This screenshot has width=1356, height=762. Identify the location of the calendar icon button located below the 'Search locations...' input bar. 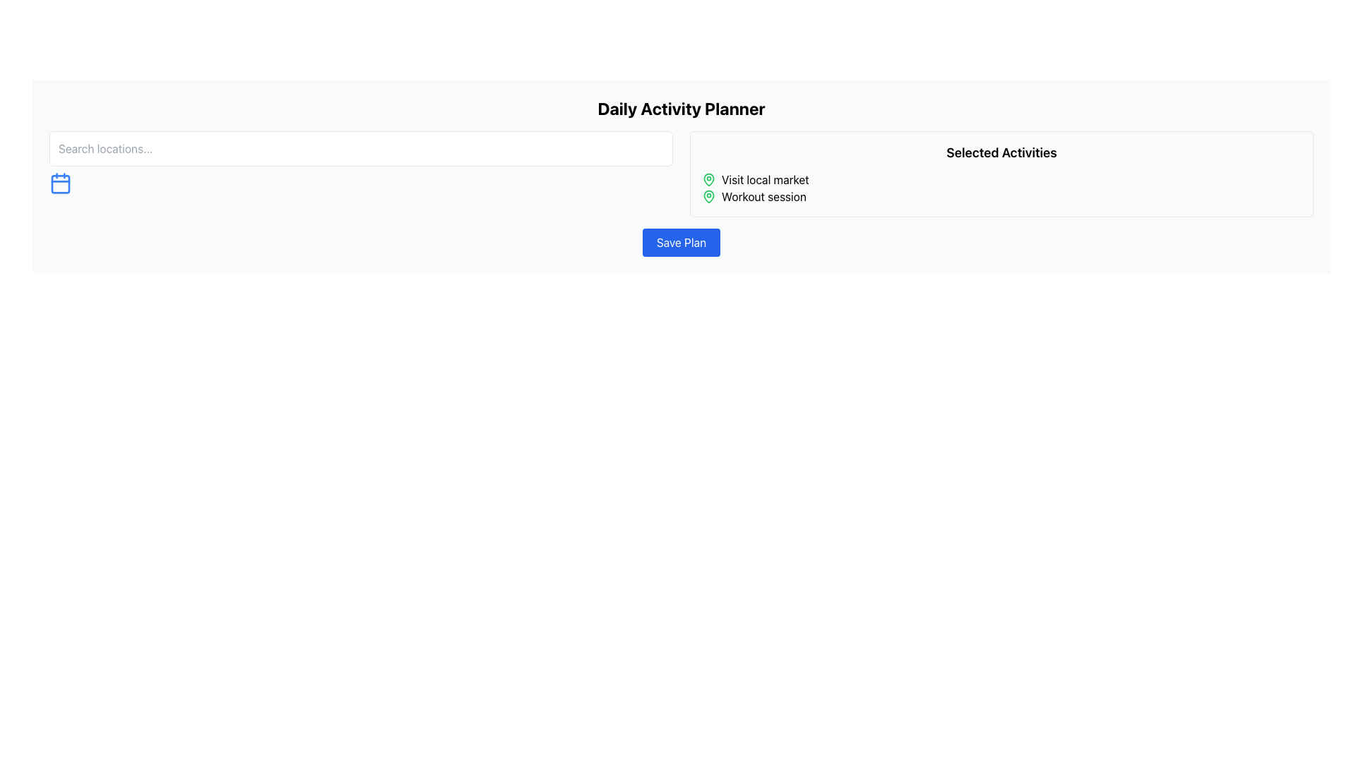
(60, 182).